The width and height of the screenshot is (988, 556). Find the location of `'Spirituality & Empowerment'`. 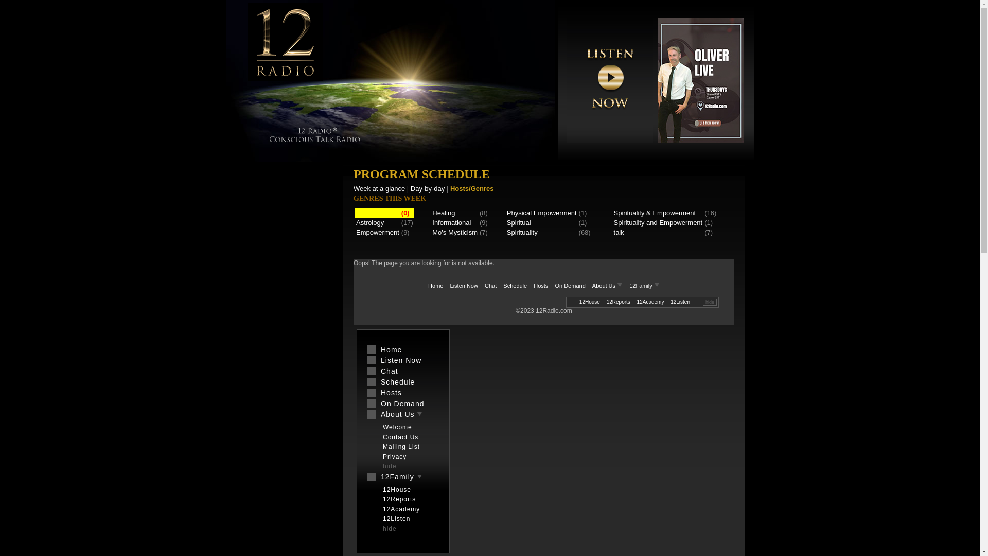

'Spirituality & Empowerment' is located at coordinates (614, 212).